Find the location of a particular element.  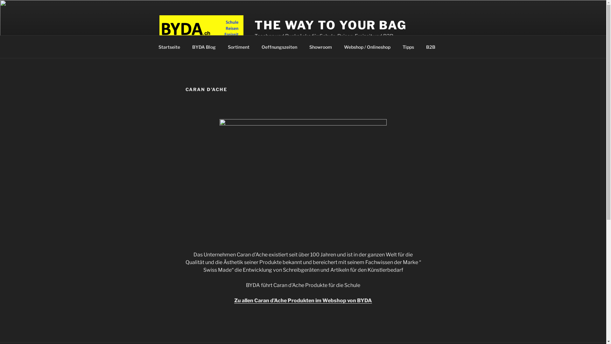

'Startseite' is located at coordinates (153, 46).